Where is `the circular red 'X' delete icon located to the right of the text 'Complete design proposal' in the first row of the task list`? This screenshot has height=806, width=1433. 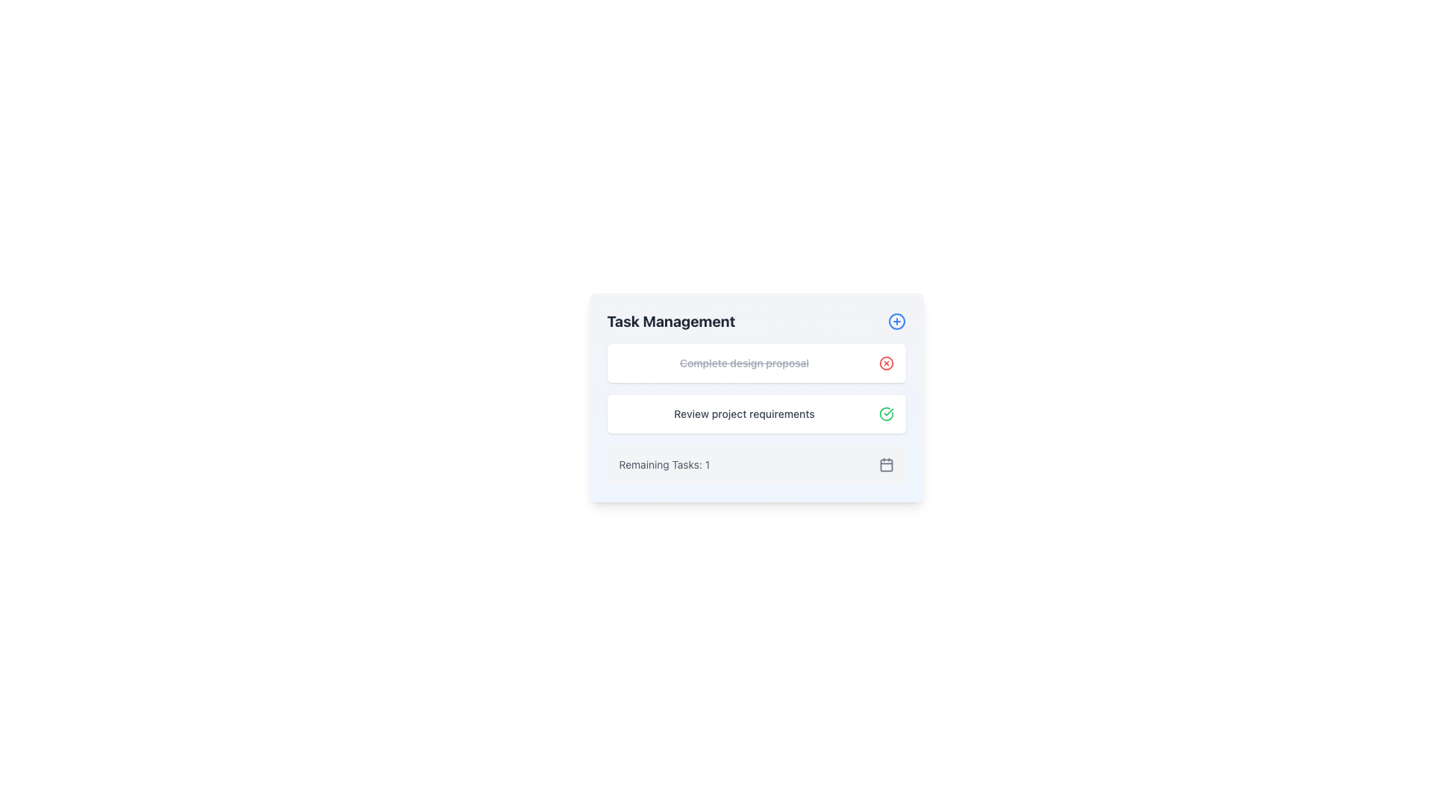
the circular red 'X' delete icon located to the right of the text 'Complete design proposal' in the first row of the task list is located at coordinates (886, 363).